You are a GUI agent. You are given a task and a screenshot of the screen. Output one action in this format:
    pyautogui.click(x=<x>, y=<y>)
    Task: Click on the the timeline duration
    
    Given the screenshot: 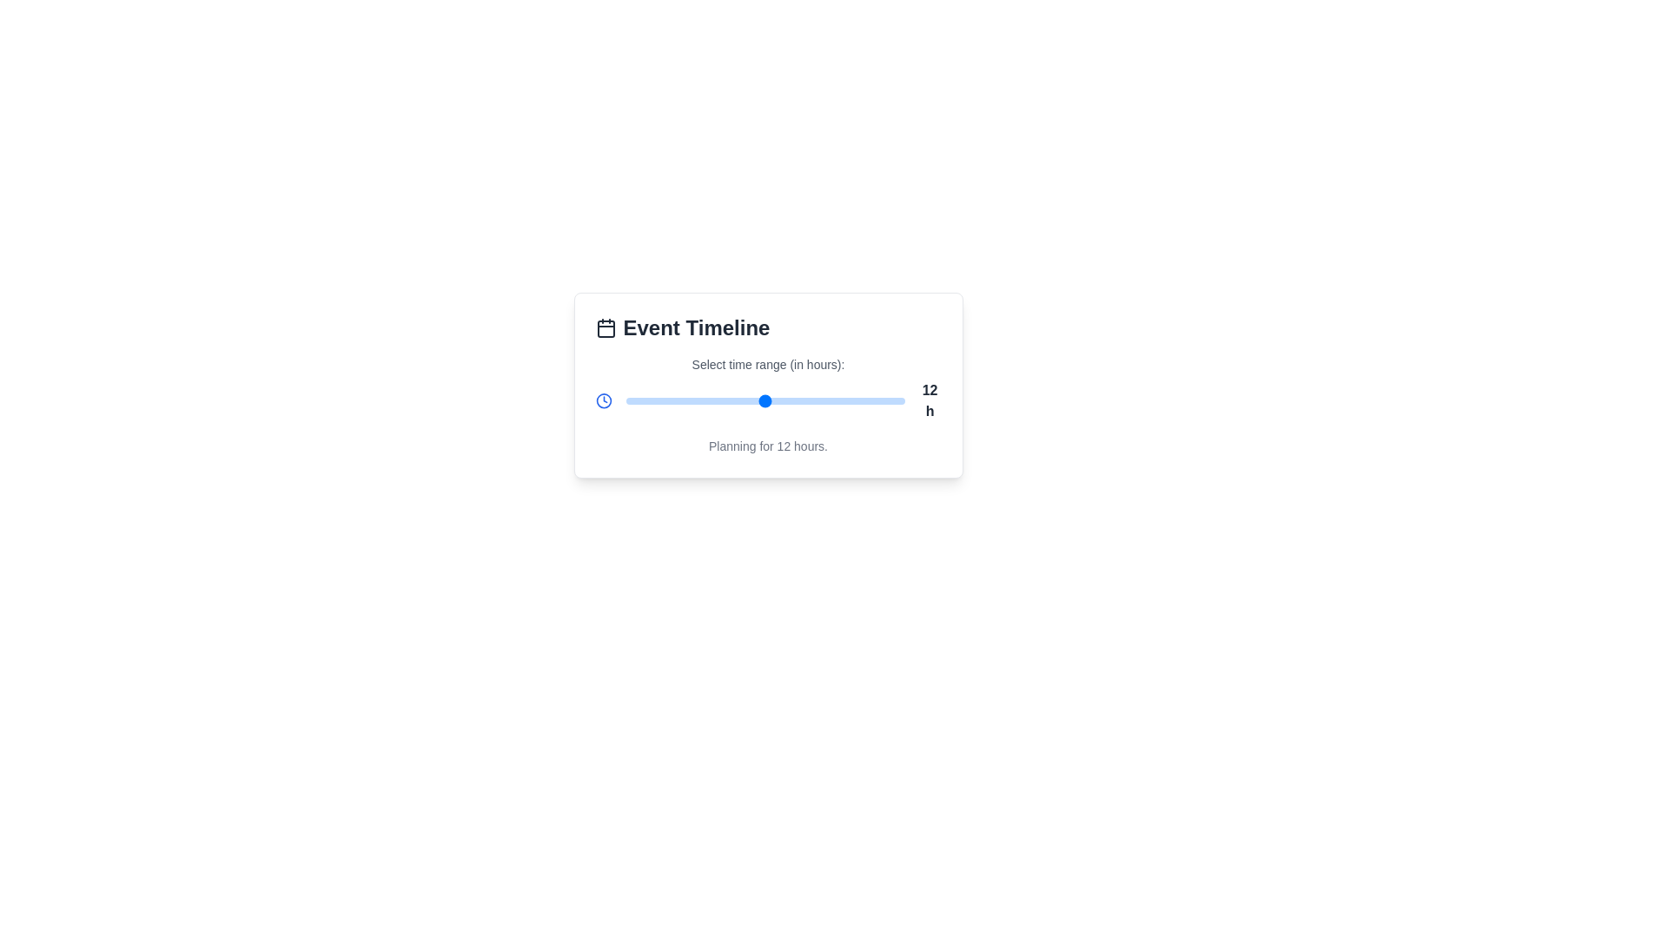 What is the action you would take?
    pyautogui.click(x=776, y=401)
    